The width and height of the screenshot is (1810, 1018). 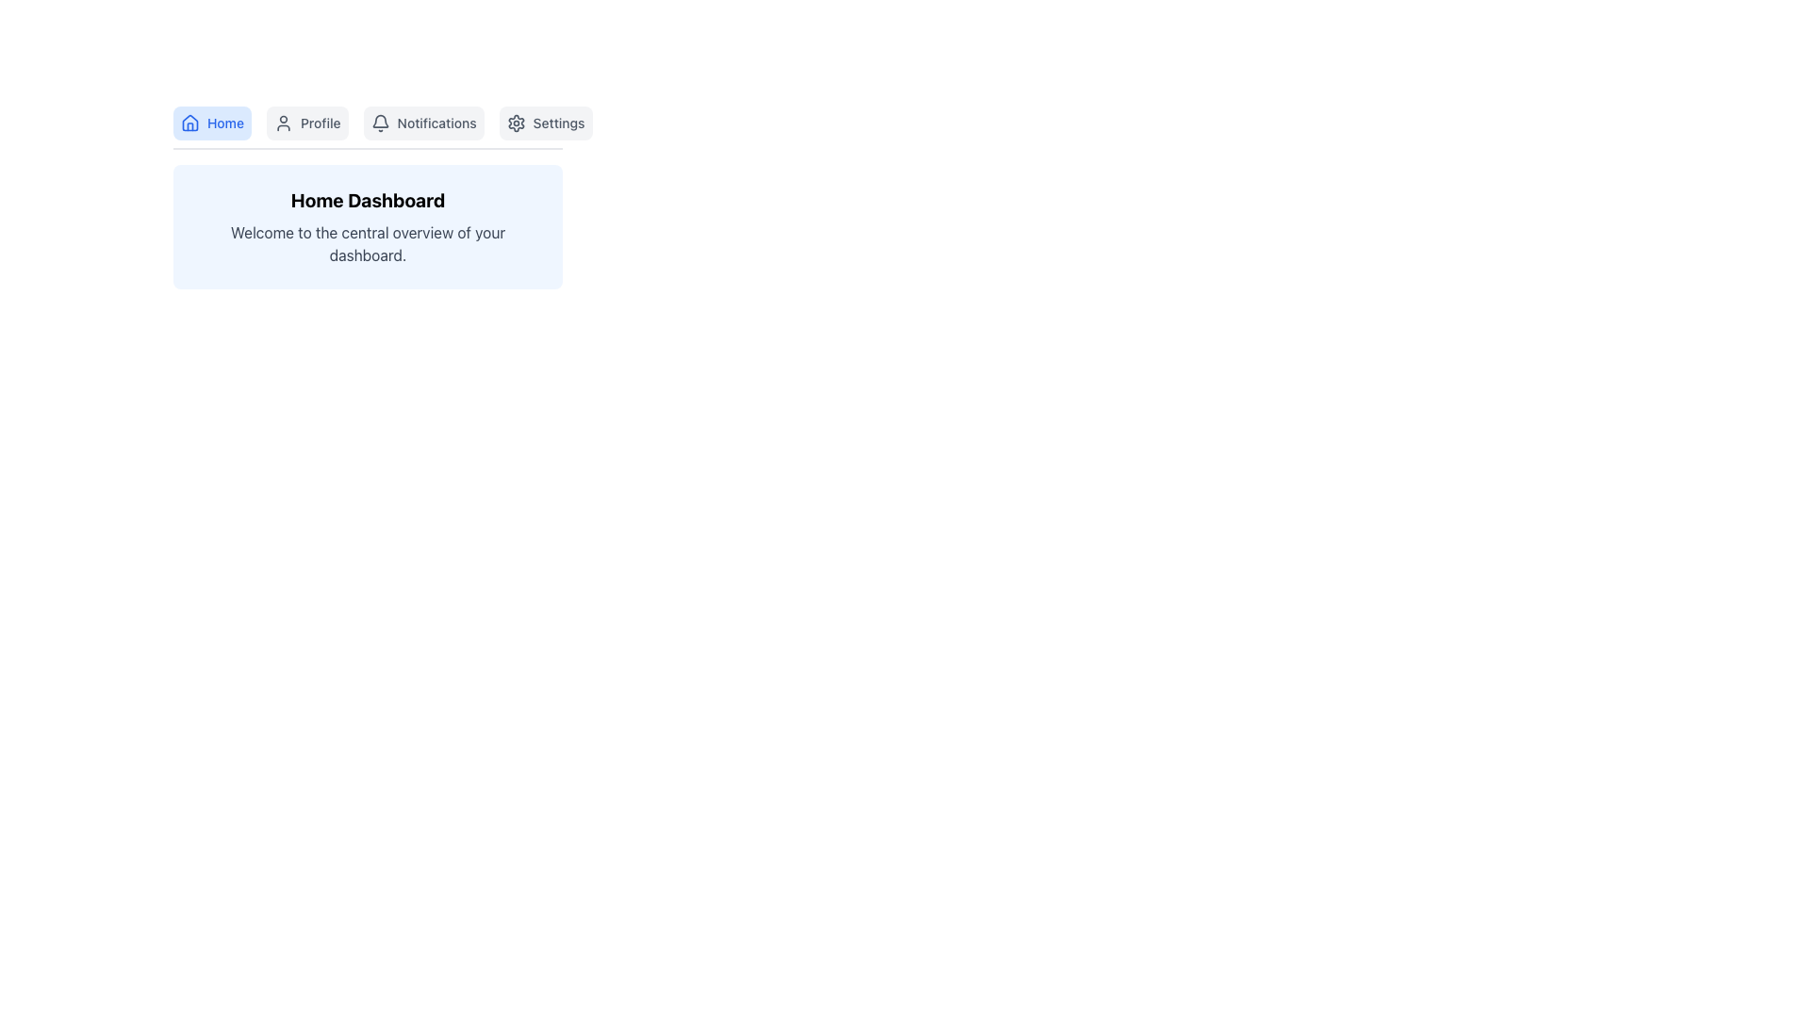 I want to click on the blue home icon located in the upper-left area of the interface, so click(x=189, y=123).